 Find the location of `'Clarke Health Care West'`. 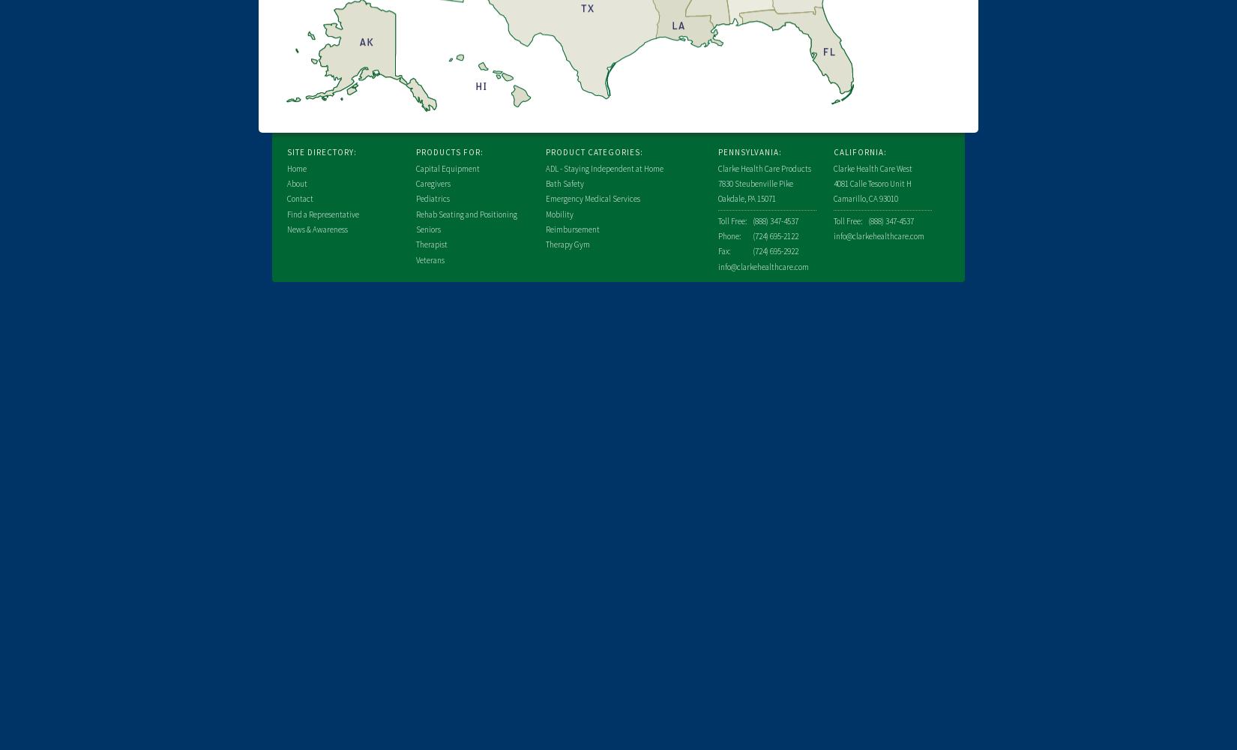

'Clarke Health Care West' is located at coordinates (873, 167).